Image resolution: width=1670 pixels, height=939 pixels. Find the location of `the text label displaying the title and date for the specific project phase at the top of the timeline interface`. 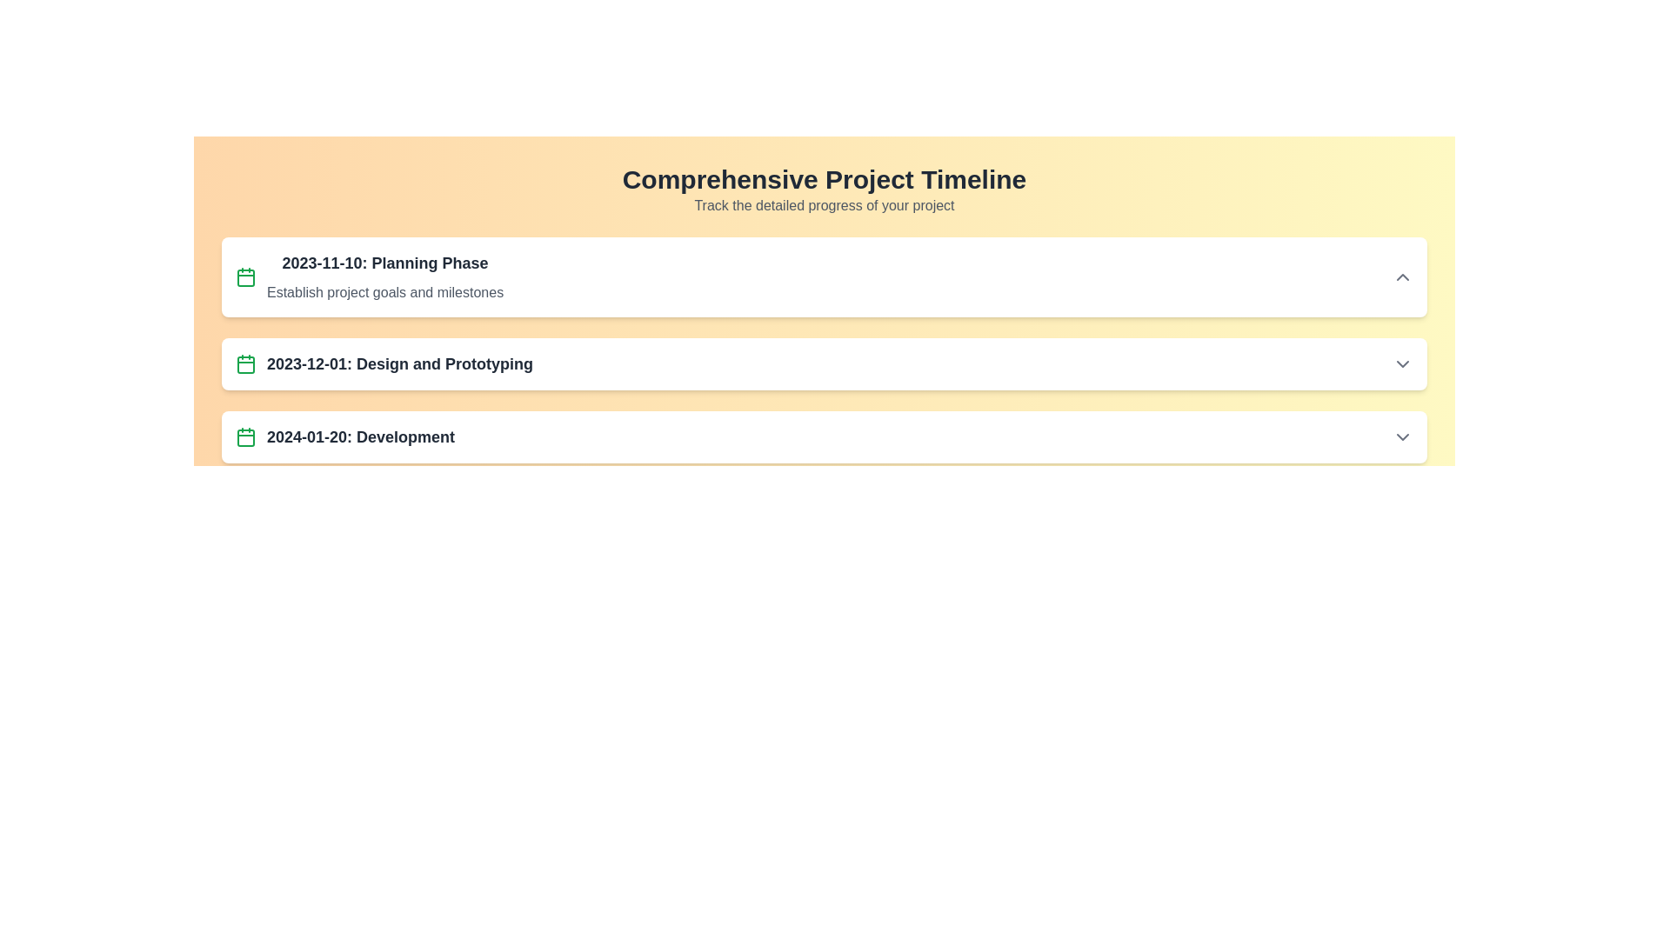

the text label displaying the title and date for the specific project phase at the top of the timeline interface is located at coordinates (384, 263).